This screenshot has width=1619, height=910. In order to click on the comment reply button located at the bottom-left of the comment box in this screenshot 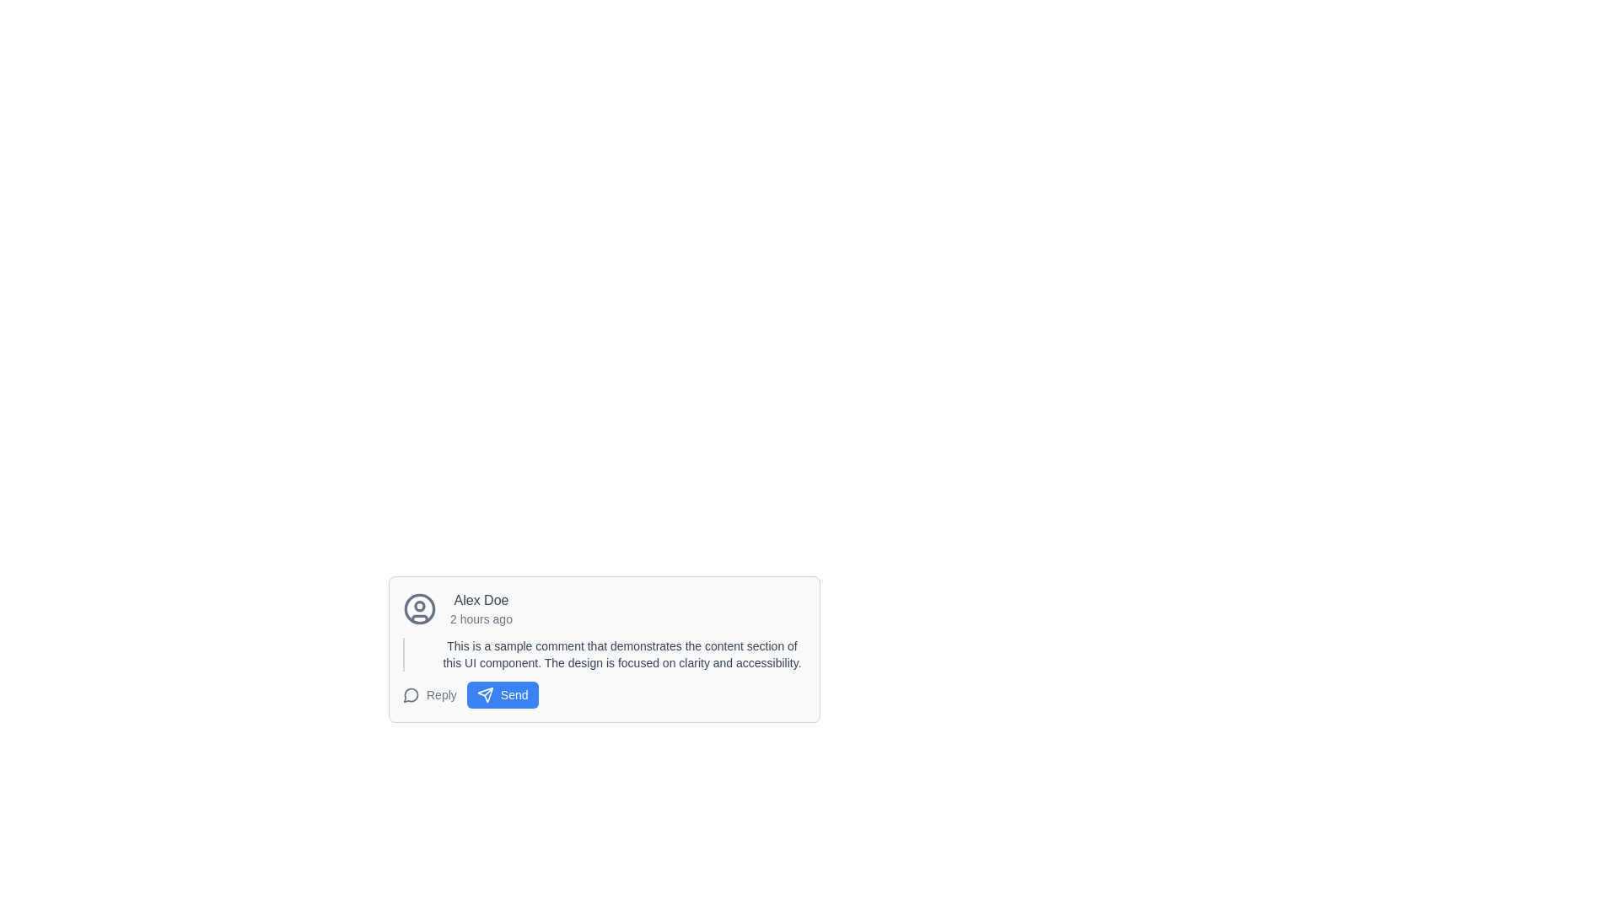, I will do `click(429, 695)`.